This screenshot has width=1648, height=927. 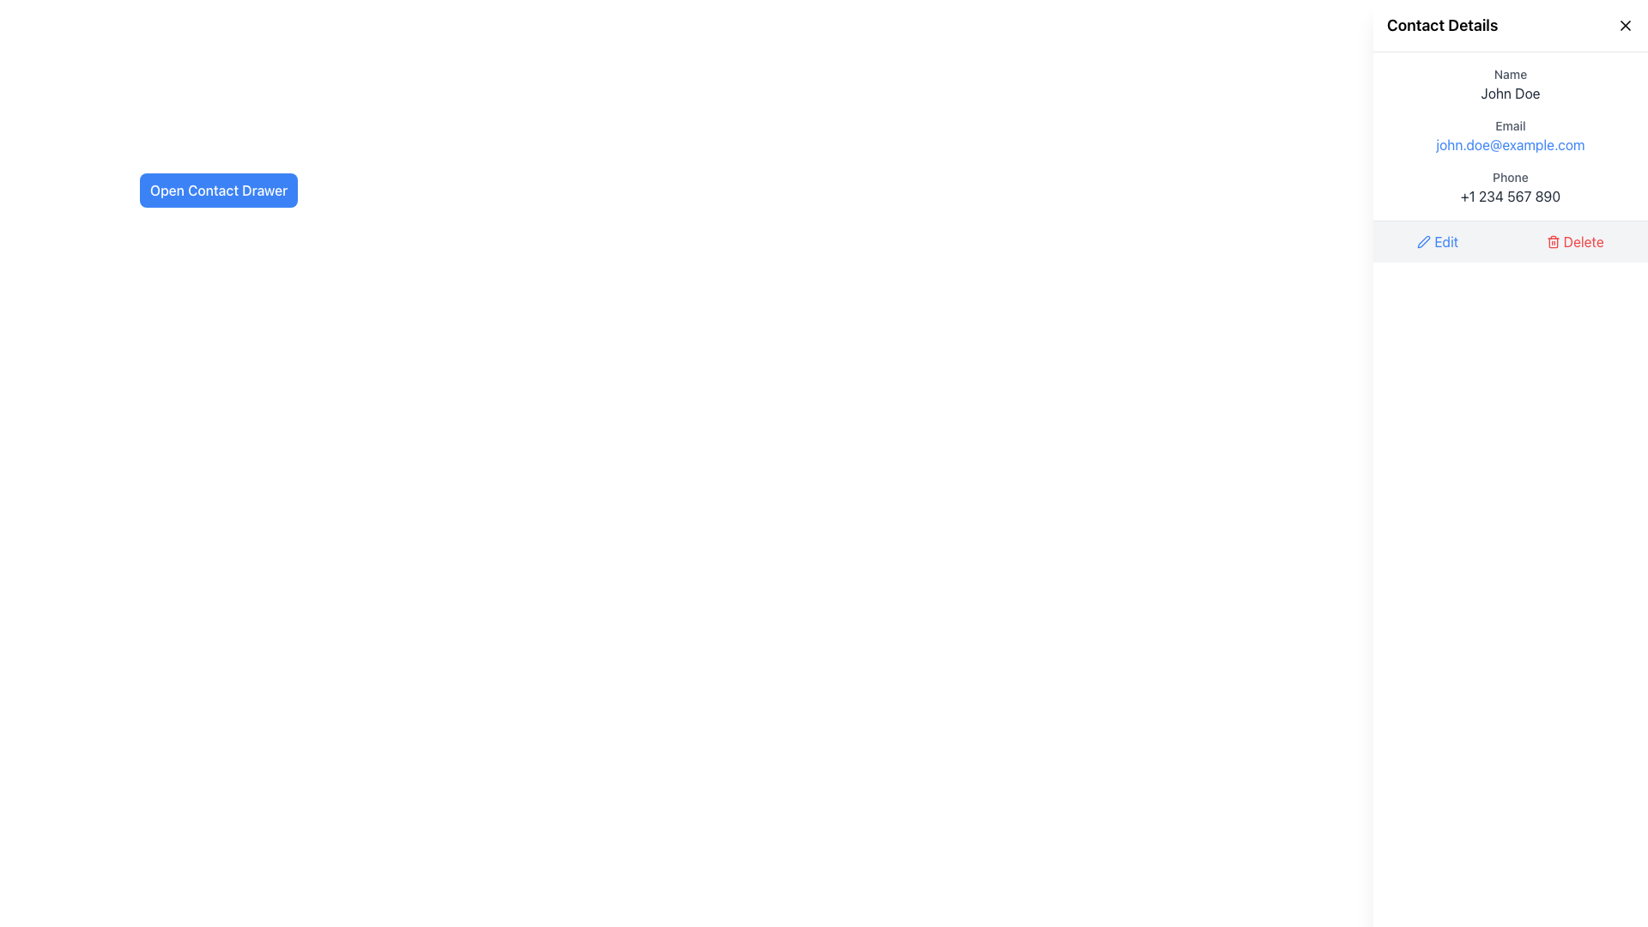 What do you see at coordinates (1511, 135) in the screenshot?
I see `the text display showing the email address for the contact named 'John Doe', located in the 'Contact Details' panel, below the 'Name' field and above the 'Phone' field` at bounding box center [1511, 135].